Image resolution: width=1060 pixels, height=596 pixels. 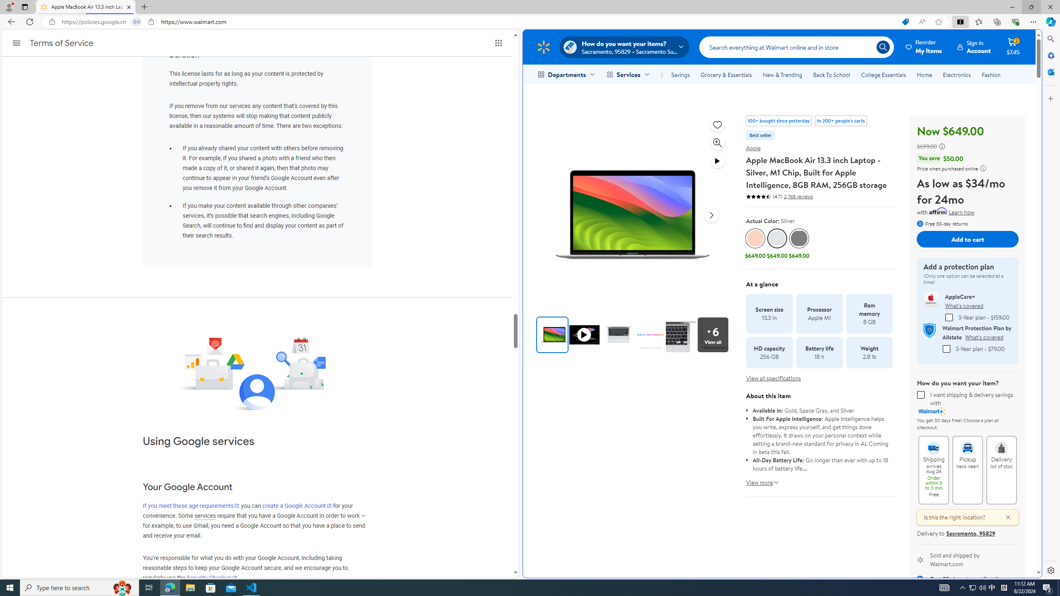 What do you see at coordinates (924, 46) in the screenshot?
I see `'ReorderMy Items'` at bounding box center [924, 46].